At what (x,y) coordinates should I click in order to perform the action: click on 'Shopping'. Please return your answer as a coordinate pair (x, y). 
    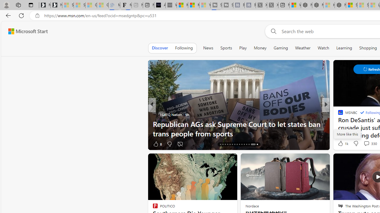
    Looking at the image, I should click on (368, 48).